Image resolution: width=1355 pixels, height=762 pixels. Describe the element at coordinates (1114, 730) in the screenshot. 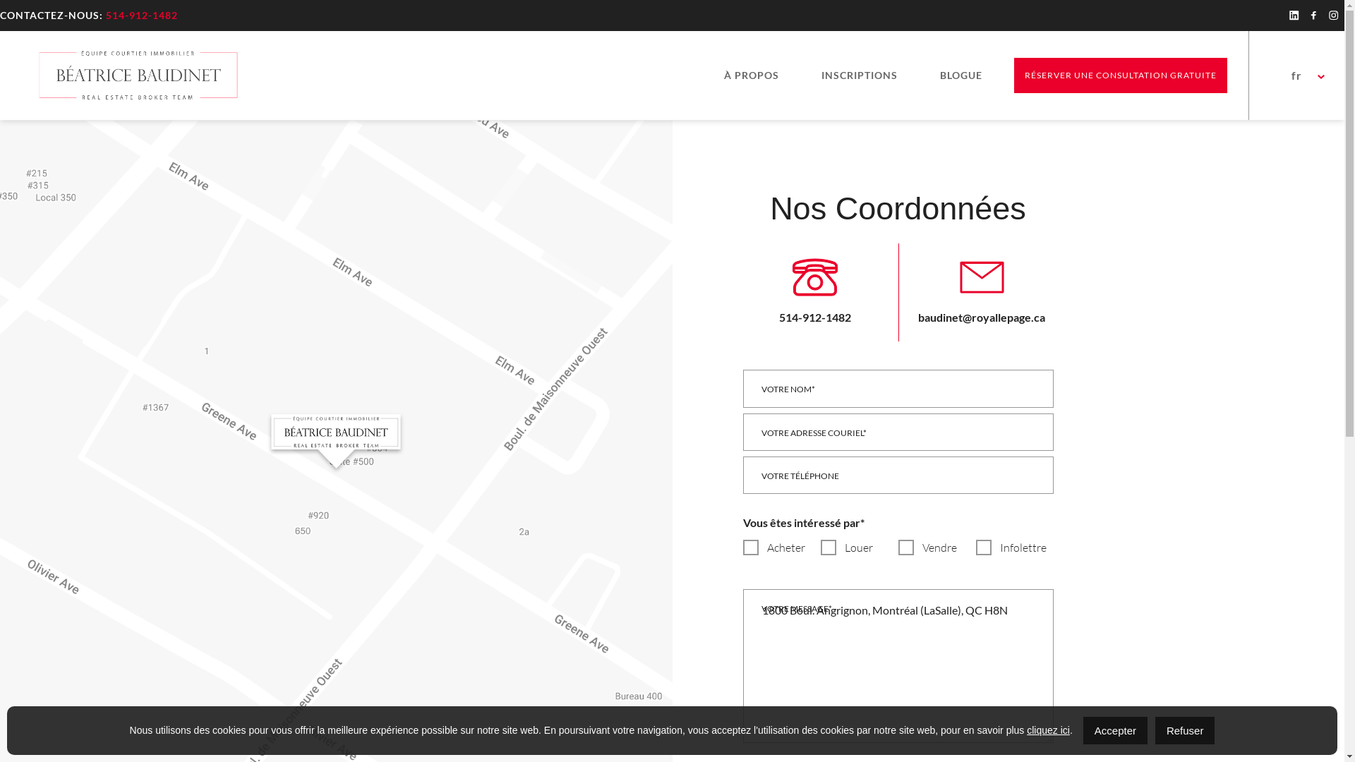

I see `'Accepter'` at that location.